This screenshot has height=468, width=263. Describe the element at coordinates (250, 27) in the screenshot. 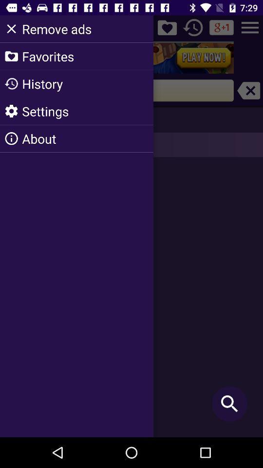

I see `the menu icon` at that location.